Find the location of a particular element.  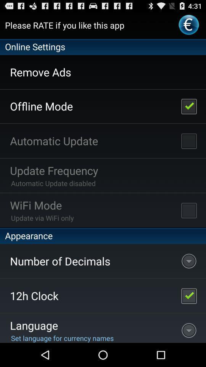

click on appearance 12h clock is located at coordinates (188, 295).